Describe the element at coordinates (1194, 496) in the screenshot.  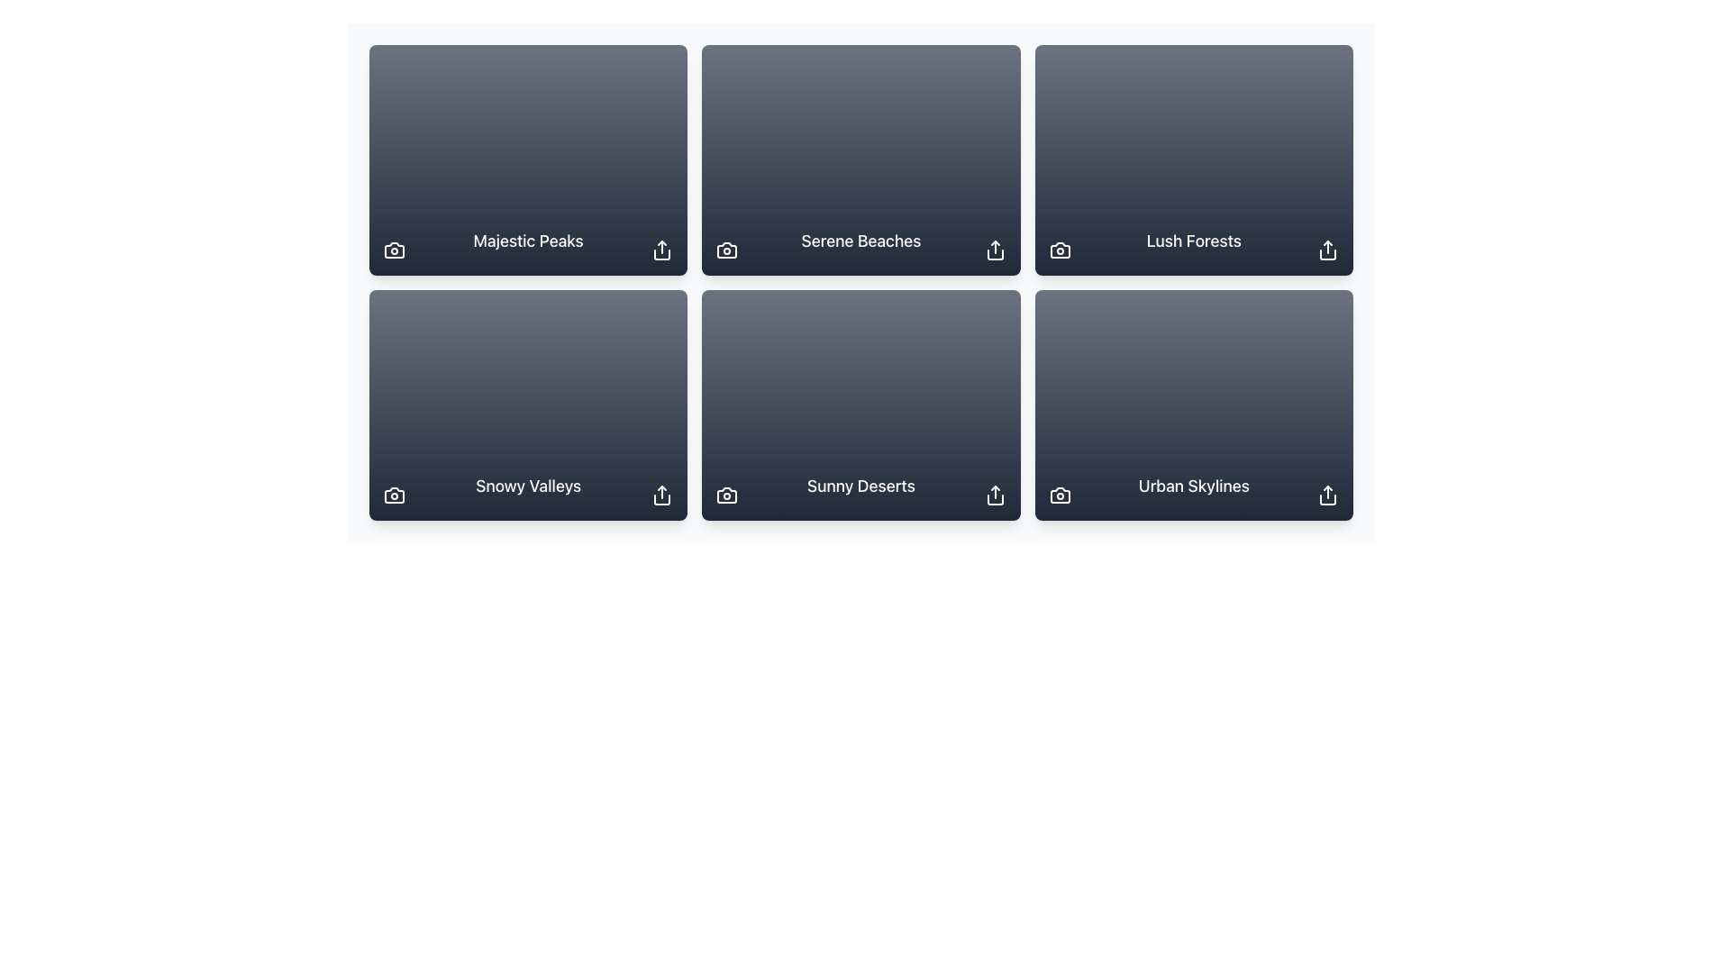
I see `the static text element displaying 'Urban Skylines', which is styled in white font color and positioned in the bottom row, third column of a six-item grid layout` at that location.